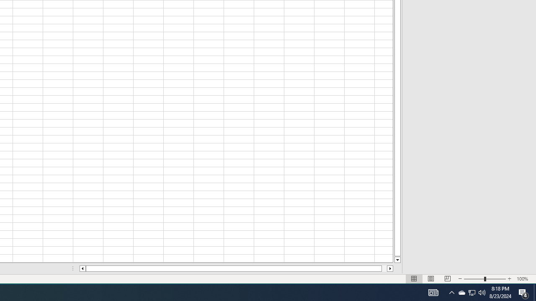 This screenshot has width=536, height=301. I want to click on 'Show desktop', so click(534, 292).